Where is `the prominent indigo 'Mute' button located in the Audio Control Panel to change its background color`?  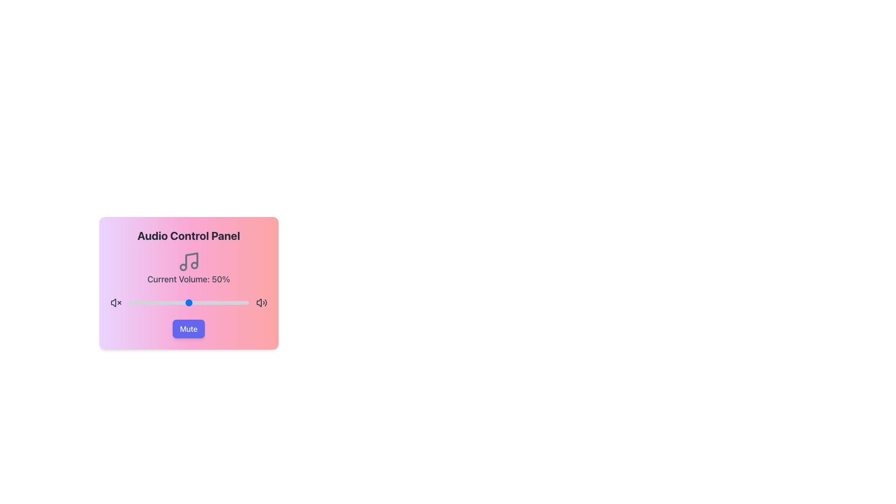
the prominent indigo 'Mute' button located in the Audio Control Panel to change its background color is located at coordinates (188, 329).